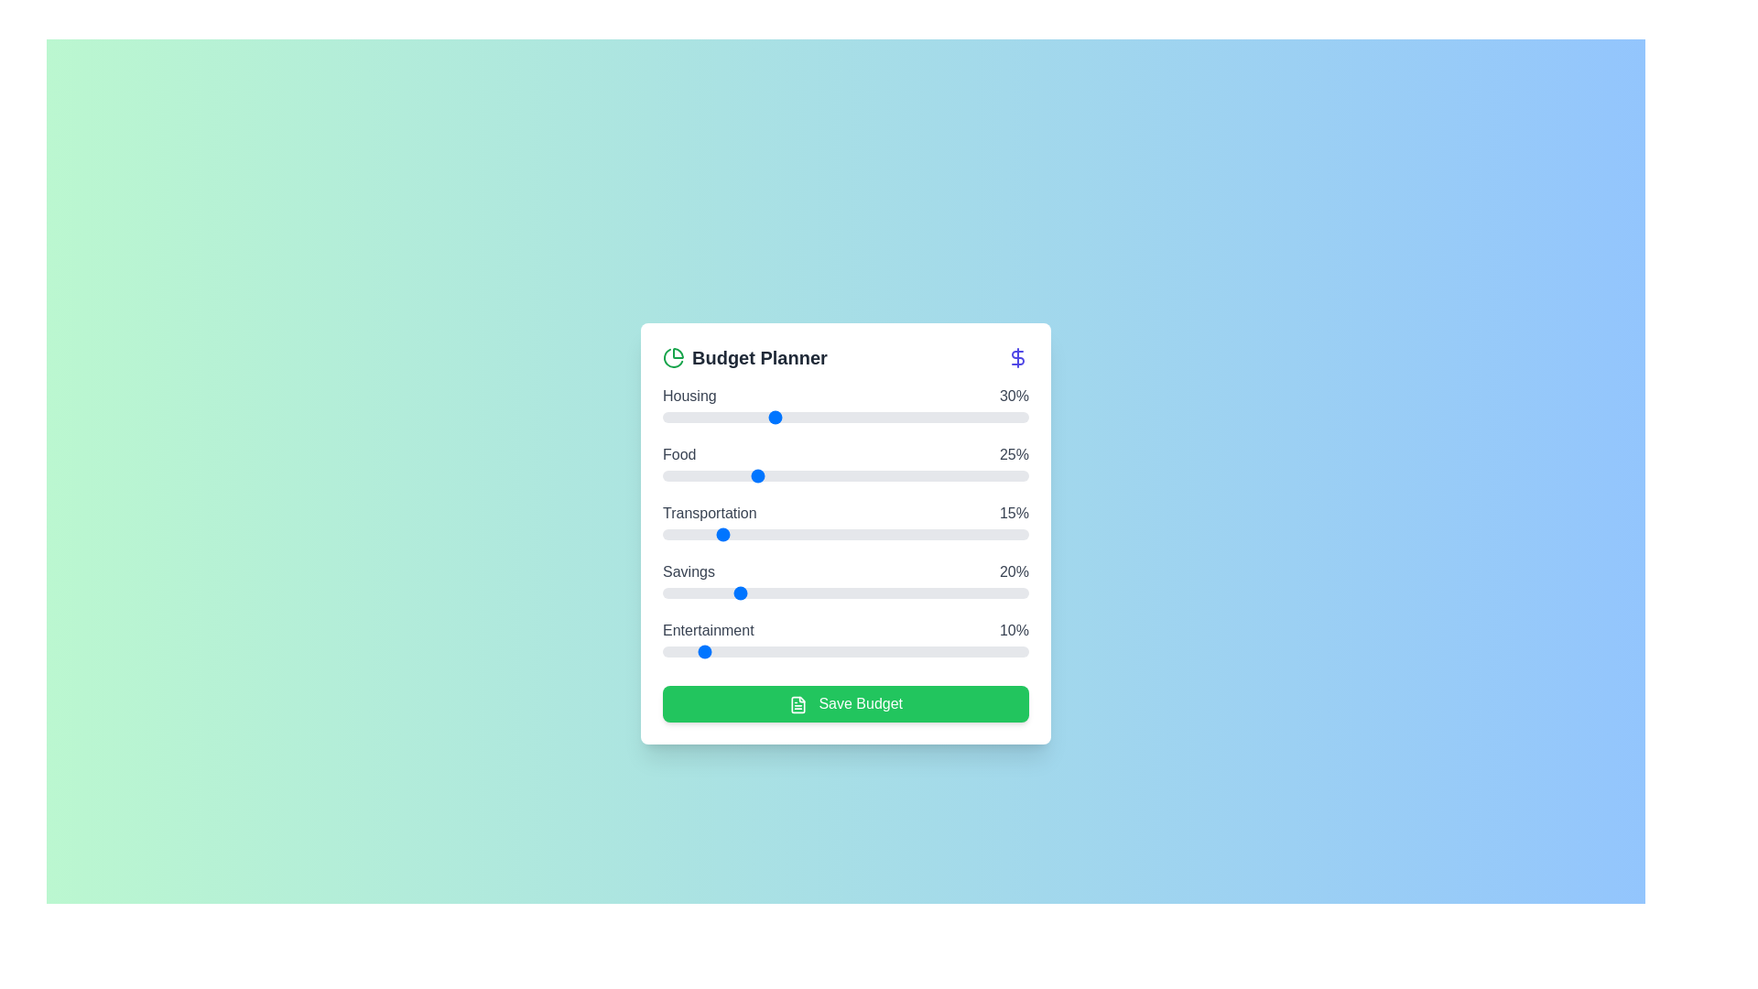 This screenshot has width=1758, height=989. I want to click on the dollar sign icon to access additional functionality, so click(1017, 357).